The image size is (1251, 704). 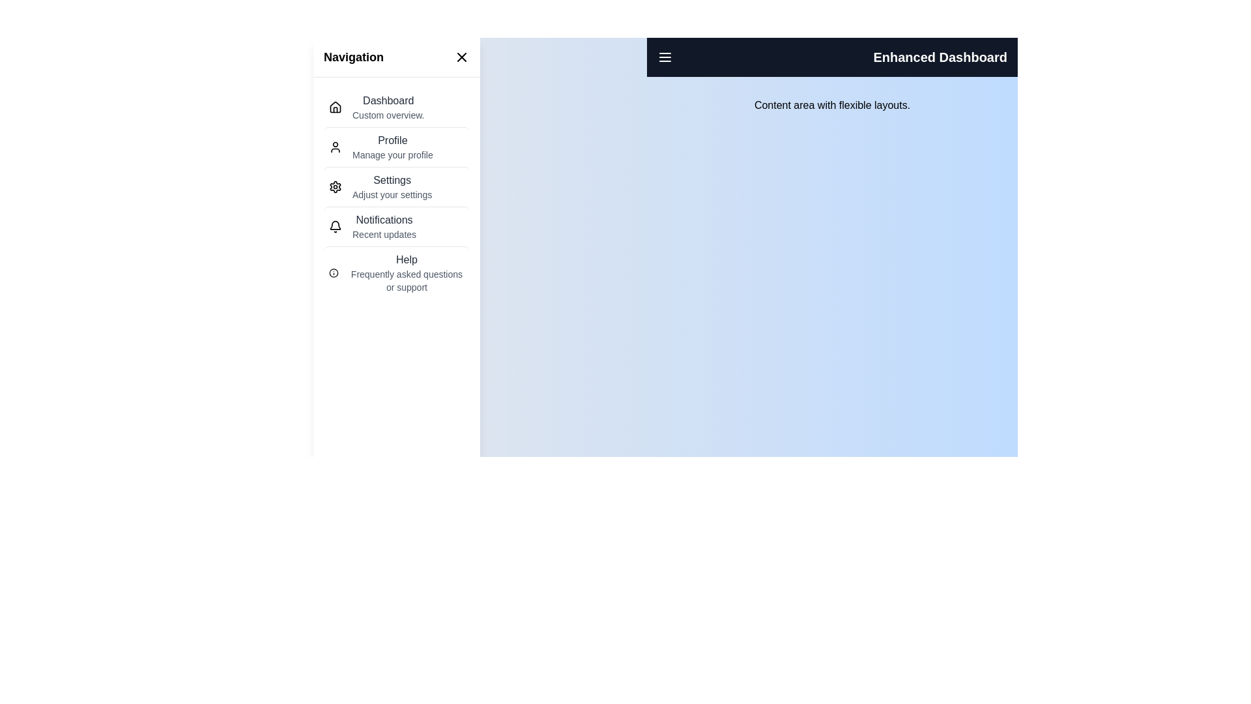 What do you see at coordinates (388, 107) in the screenshot?
I see `the Link element located in the left navigation menu, directly beneath the house icon` at bounding box center [388, 107].